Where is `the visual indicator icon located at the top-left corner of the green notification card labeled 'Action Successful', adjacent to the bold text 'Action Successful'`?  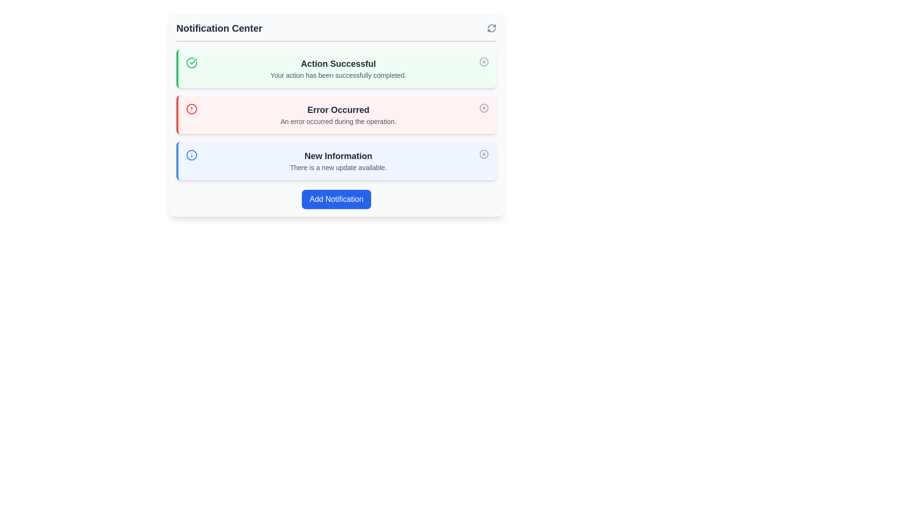
the visual indicator icon located at the top-left corner of the green notification card labeled 'Action Successful', adjacent to the bold text 'Action Successful' is located at coordinates (191, 63).